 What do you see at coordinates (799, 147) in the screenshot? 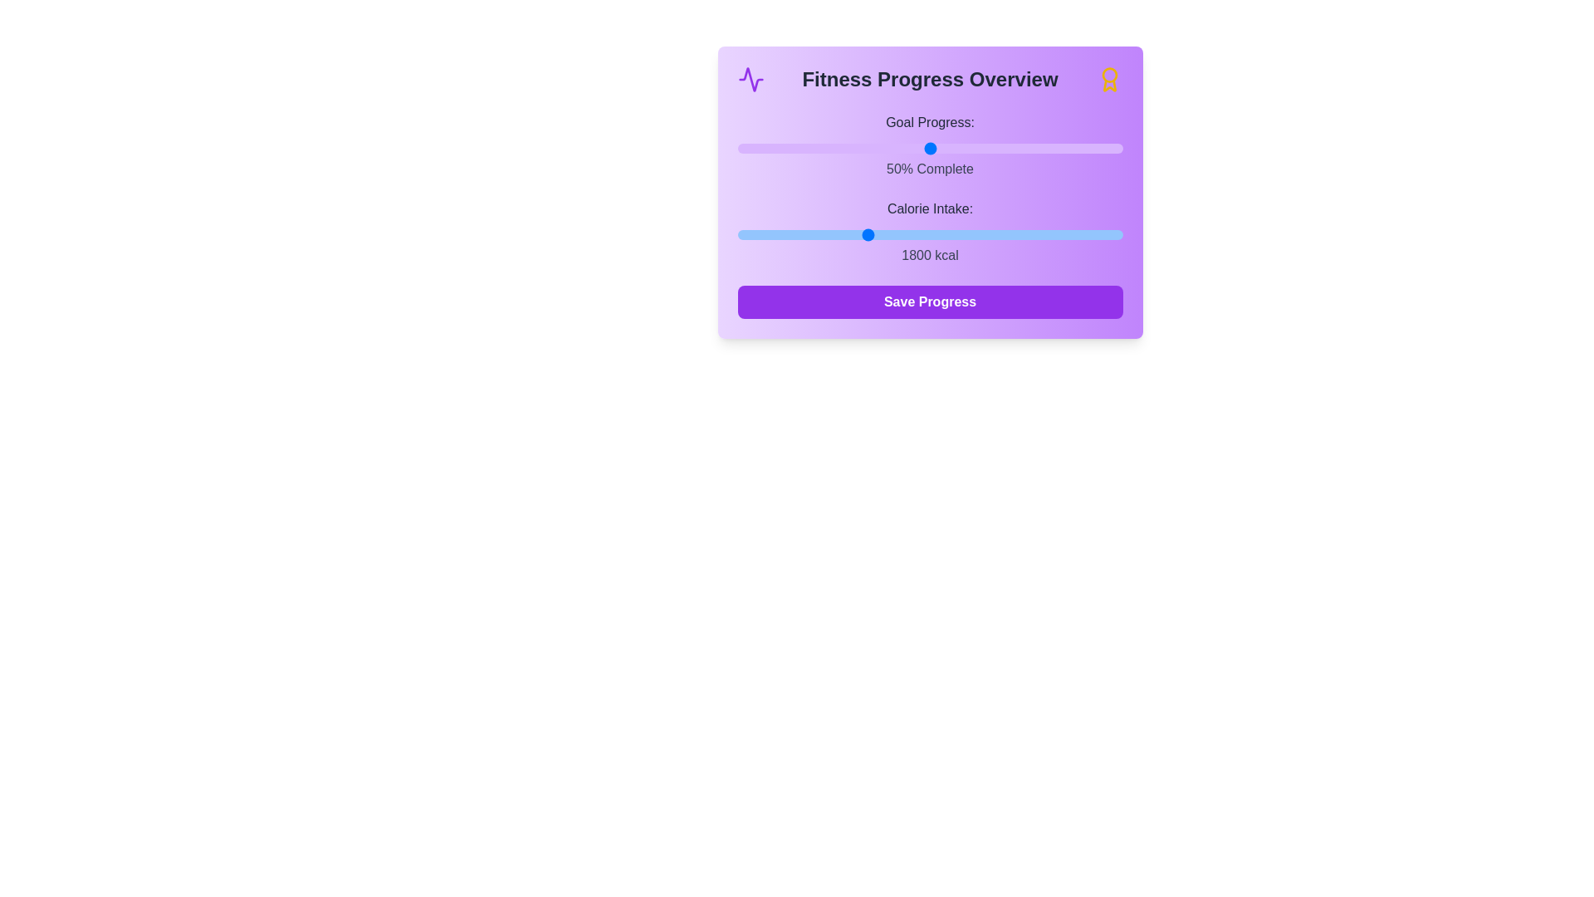
I see `the goal progress slider` at bounding box center [799, 147].